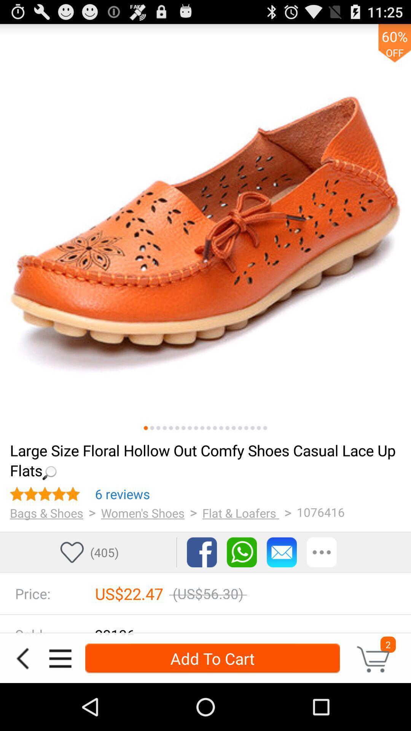  I want to click on image, so click(209, 428).